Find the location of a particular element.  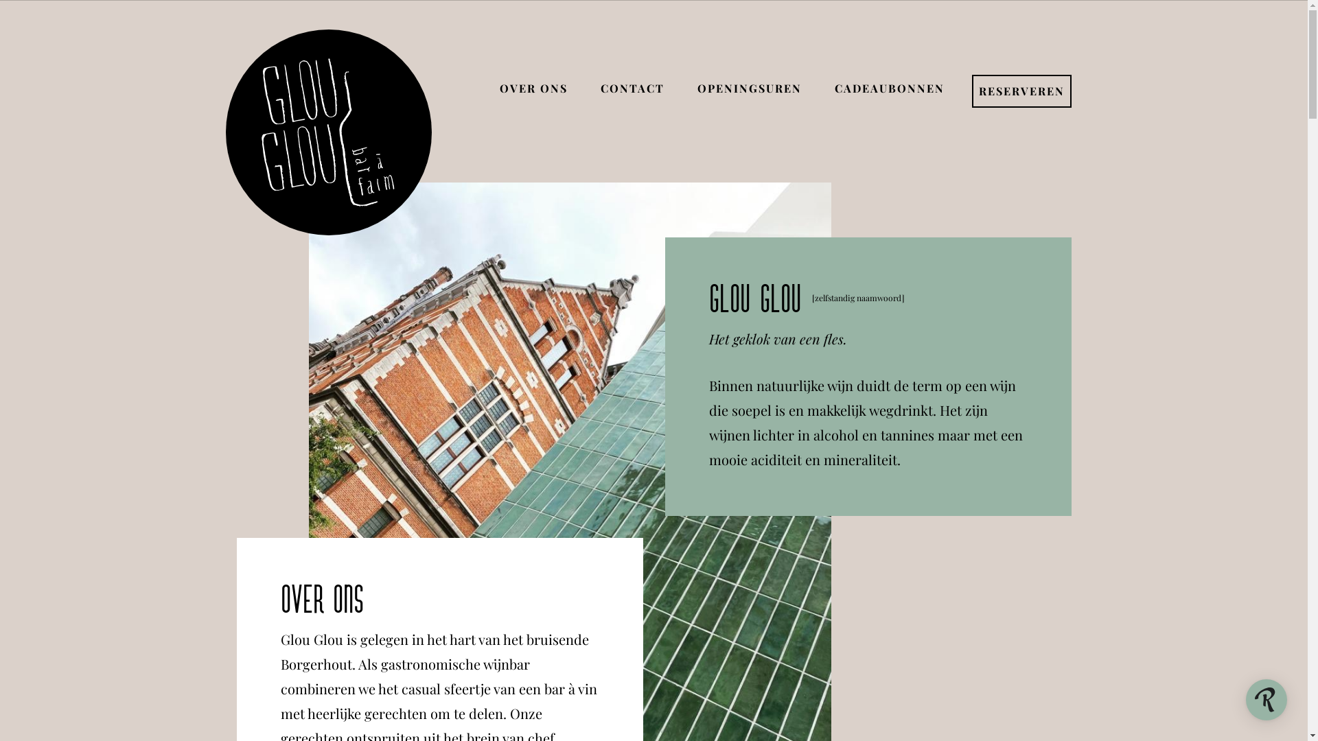

'RESERVEREN' is located at coordinates (1021, 91).